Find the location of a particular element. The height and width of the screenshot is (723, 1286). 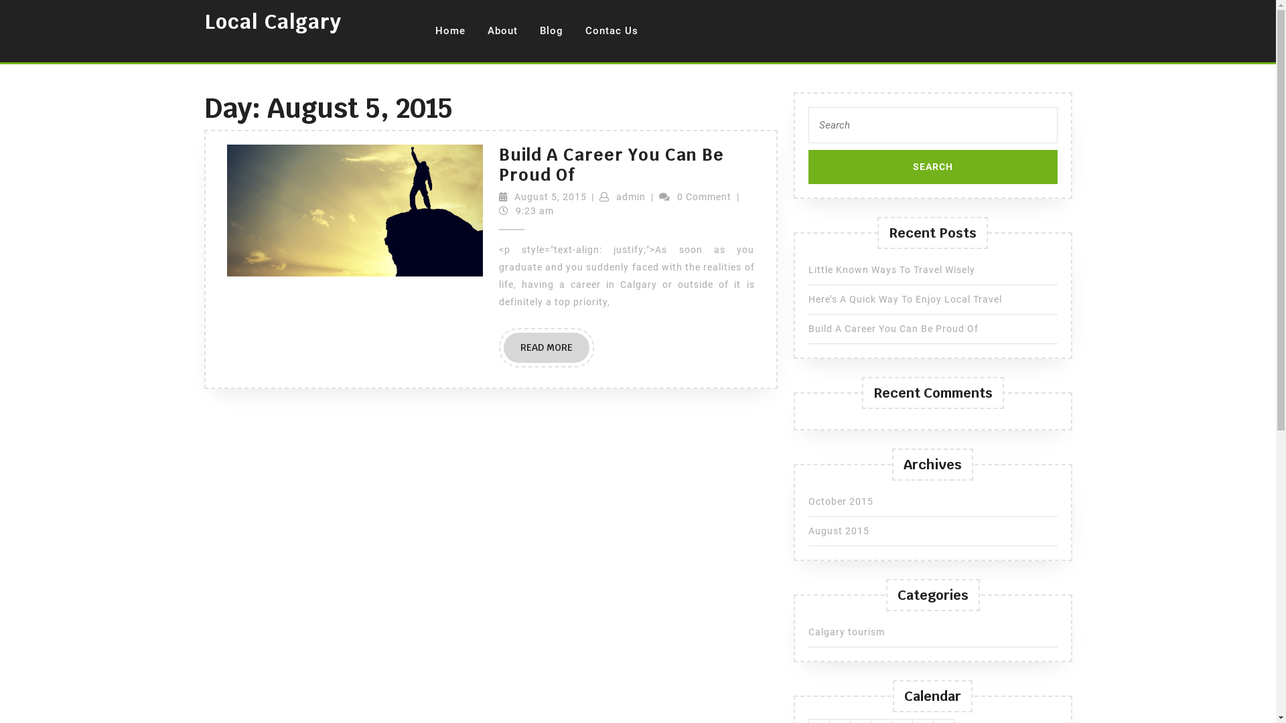

'Home' is located at coordinates (449, 30).